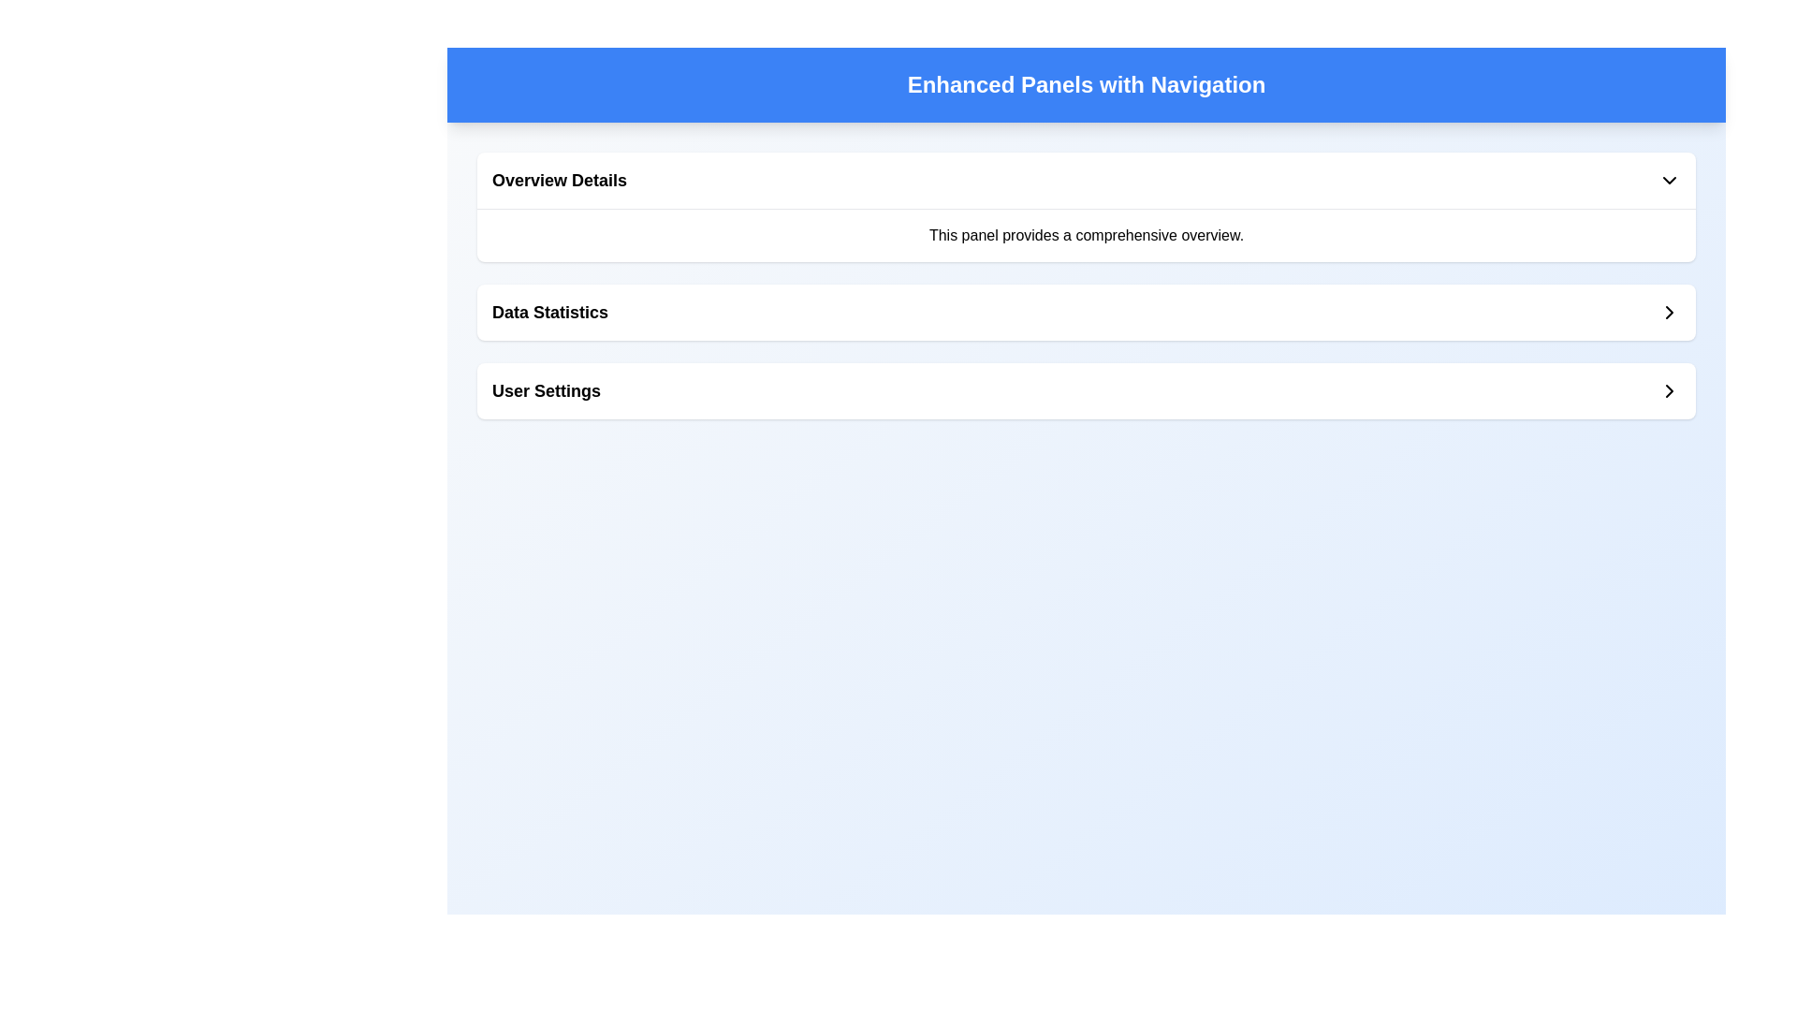 The width and height of the screenshot is (1797, 1011). I want to click on the chevron button located at the extreme right of the 'Data Statistics' horizontal bar, so click(1670, 312).